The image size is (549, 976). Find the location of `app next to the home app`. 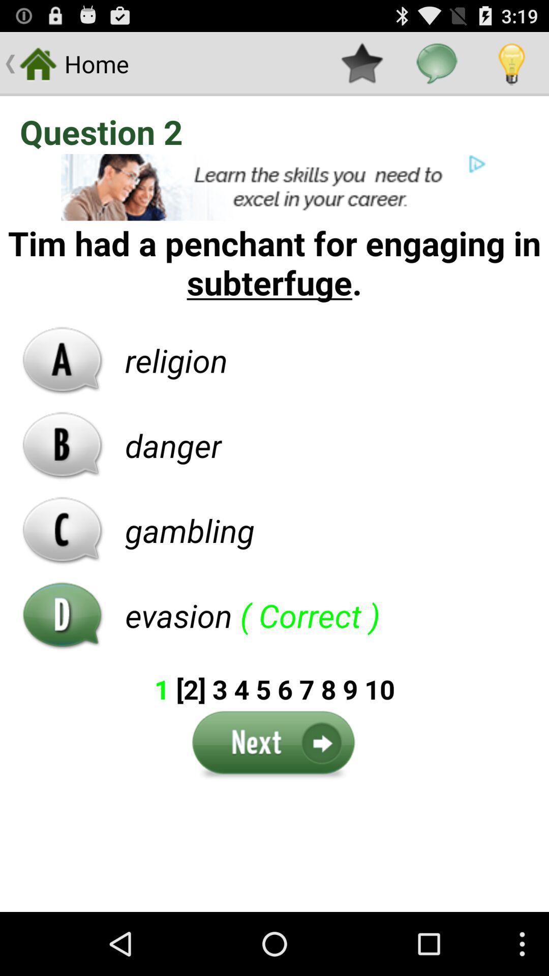

app next to the home app is located at coordinates (361, 63).